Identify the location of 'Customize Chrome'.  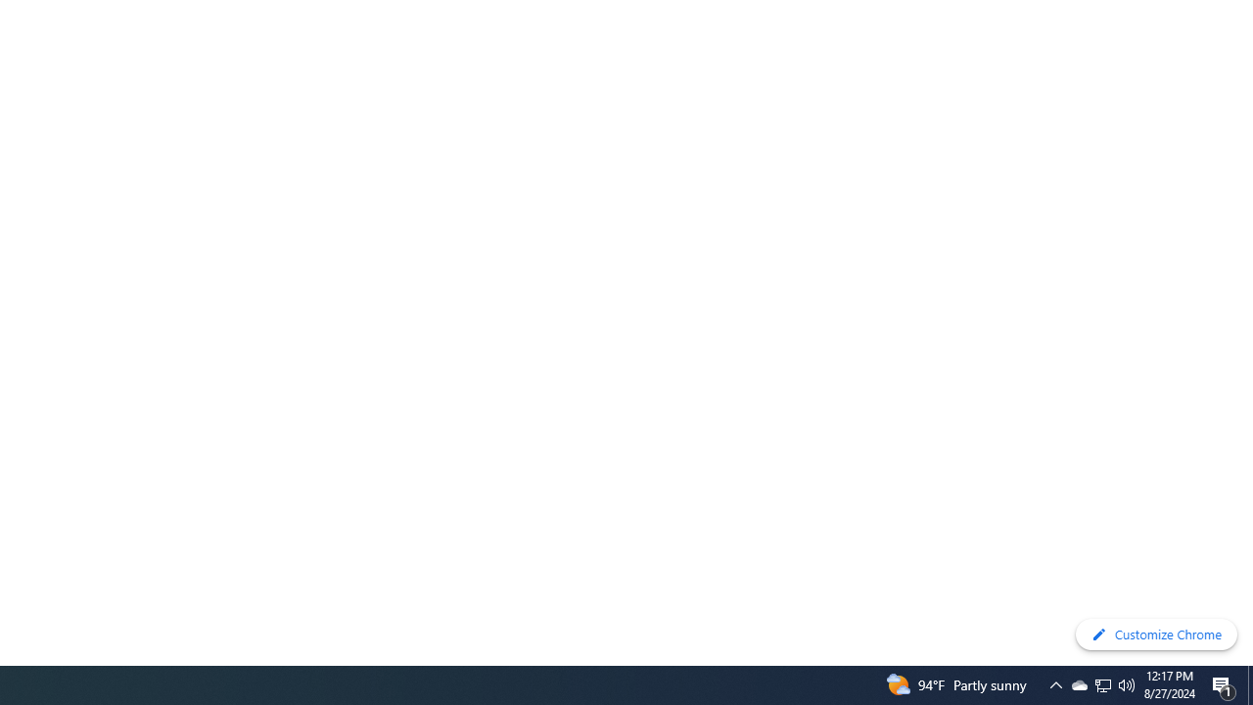
(1156, 634).